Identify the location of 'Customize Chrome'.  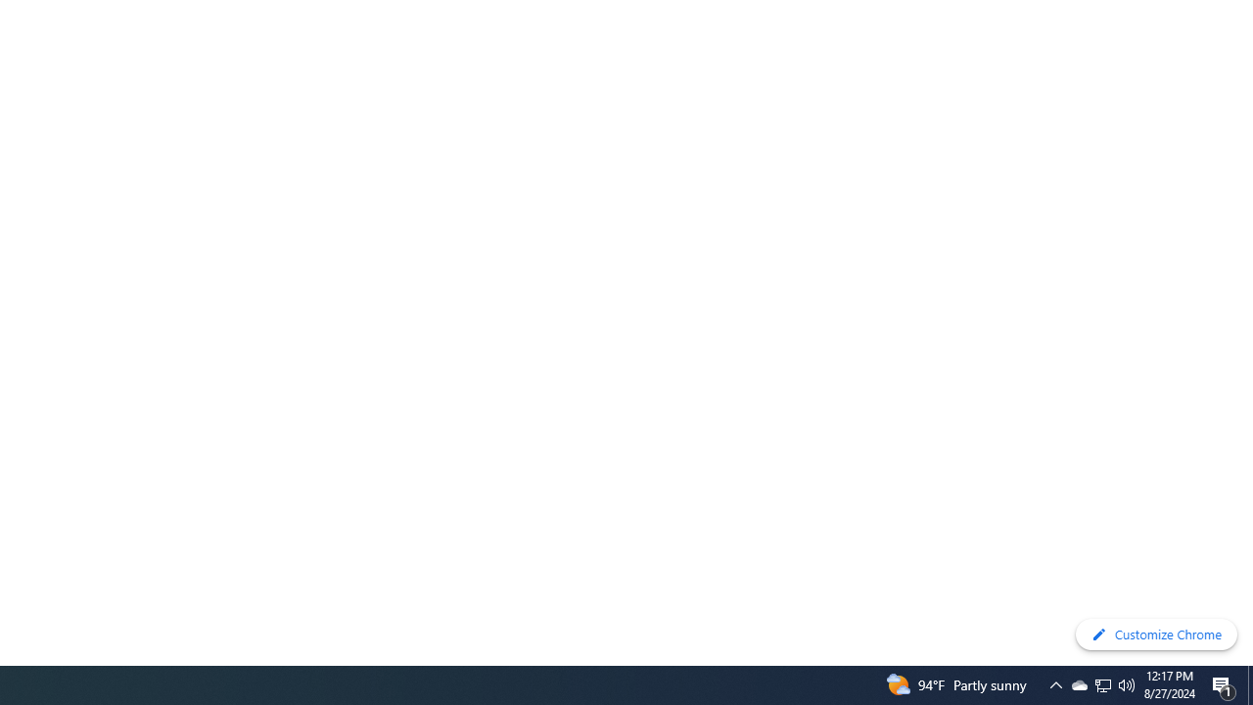
(1156, 634).